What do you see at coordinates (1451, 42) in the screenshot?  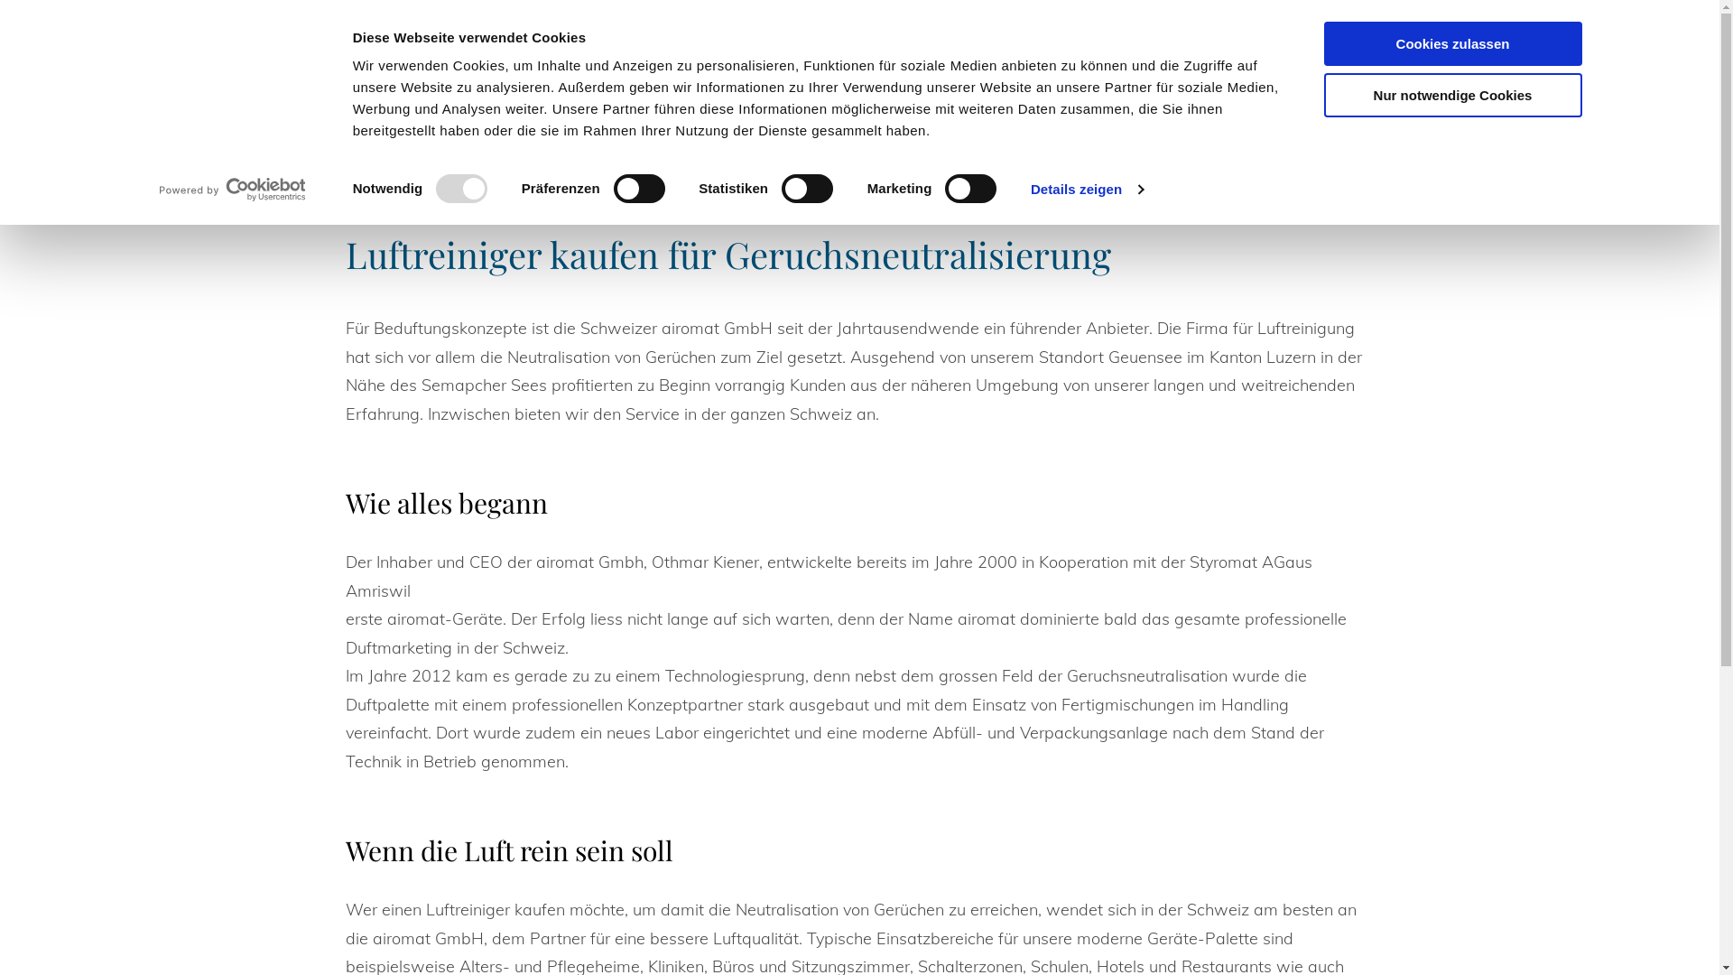 I see `'Cookies zulassen'` at bounding box center [1451, 42].